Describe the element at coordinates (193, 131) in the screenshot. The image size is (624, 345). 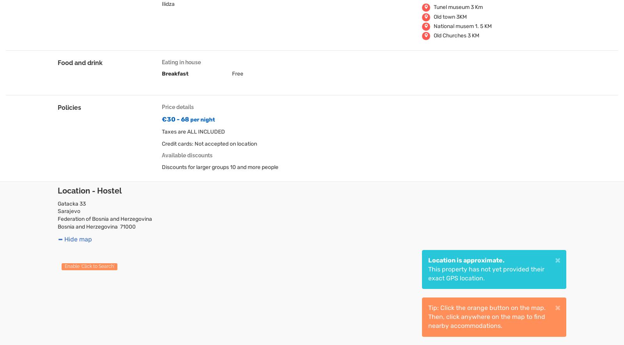
I see `'Taxes are ALL INCLUDED'` at that location.